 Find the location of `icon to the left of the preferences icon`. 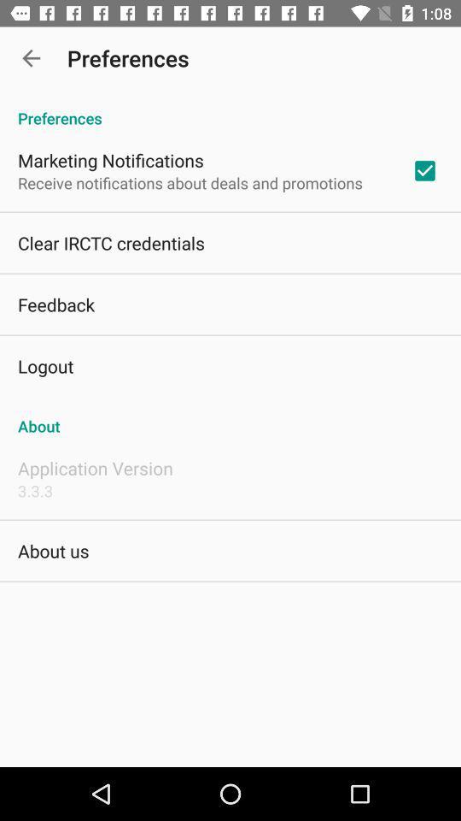

icon to the left of the preferences icon is located at coordinates (31, 58).